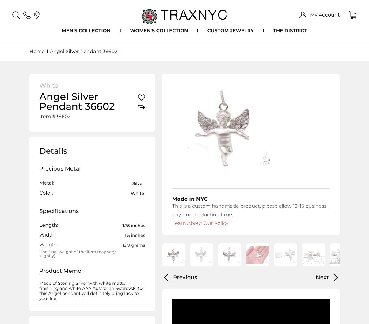  I want to click on 'Color', so click(46, 192).